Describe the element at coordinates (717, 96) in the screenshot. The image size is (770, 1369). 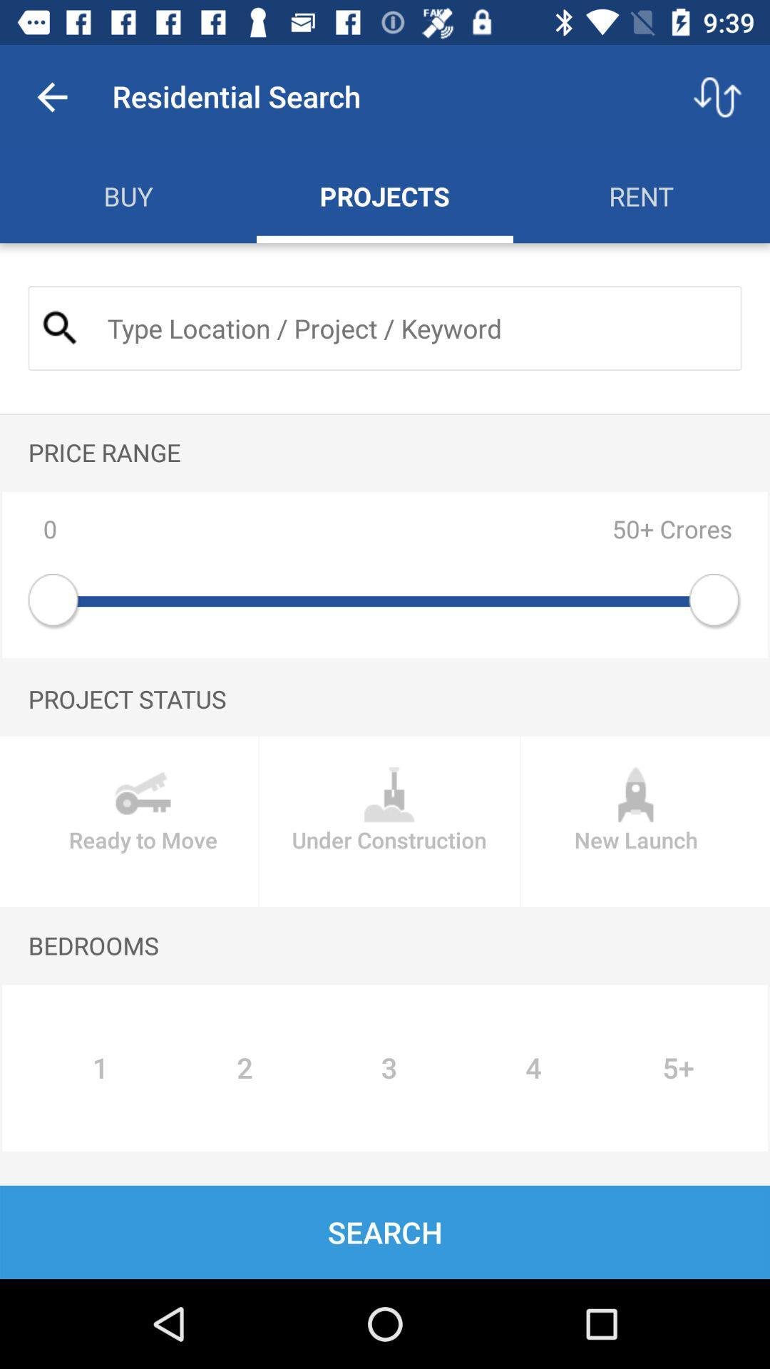
I see `the icon above the rent` at that location.